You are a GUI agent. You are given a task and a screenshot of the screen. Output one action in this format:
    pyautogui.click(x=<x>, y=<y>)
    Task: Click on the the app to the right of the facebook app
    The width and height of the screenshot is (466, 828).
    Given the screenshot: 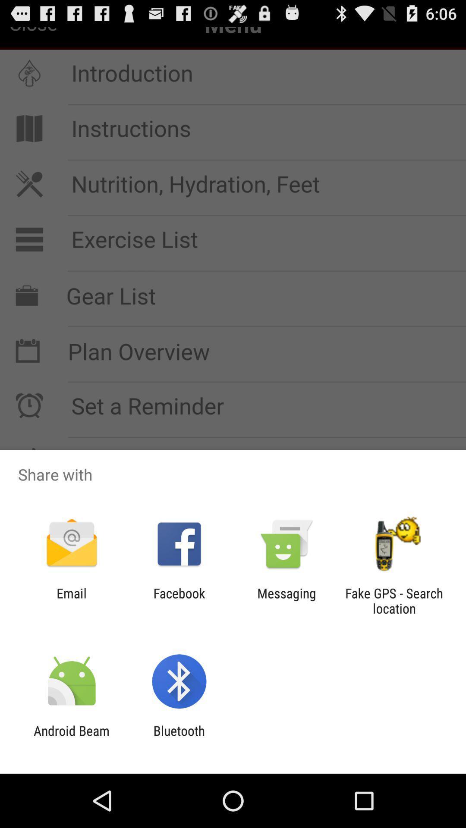 What is the action you would take?
    pyautogui.click(x=287, y=600)
    